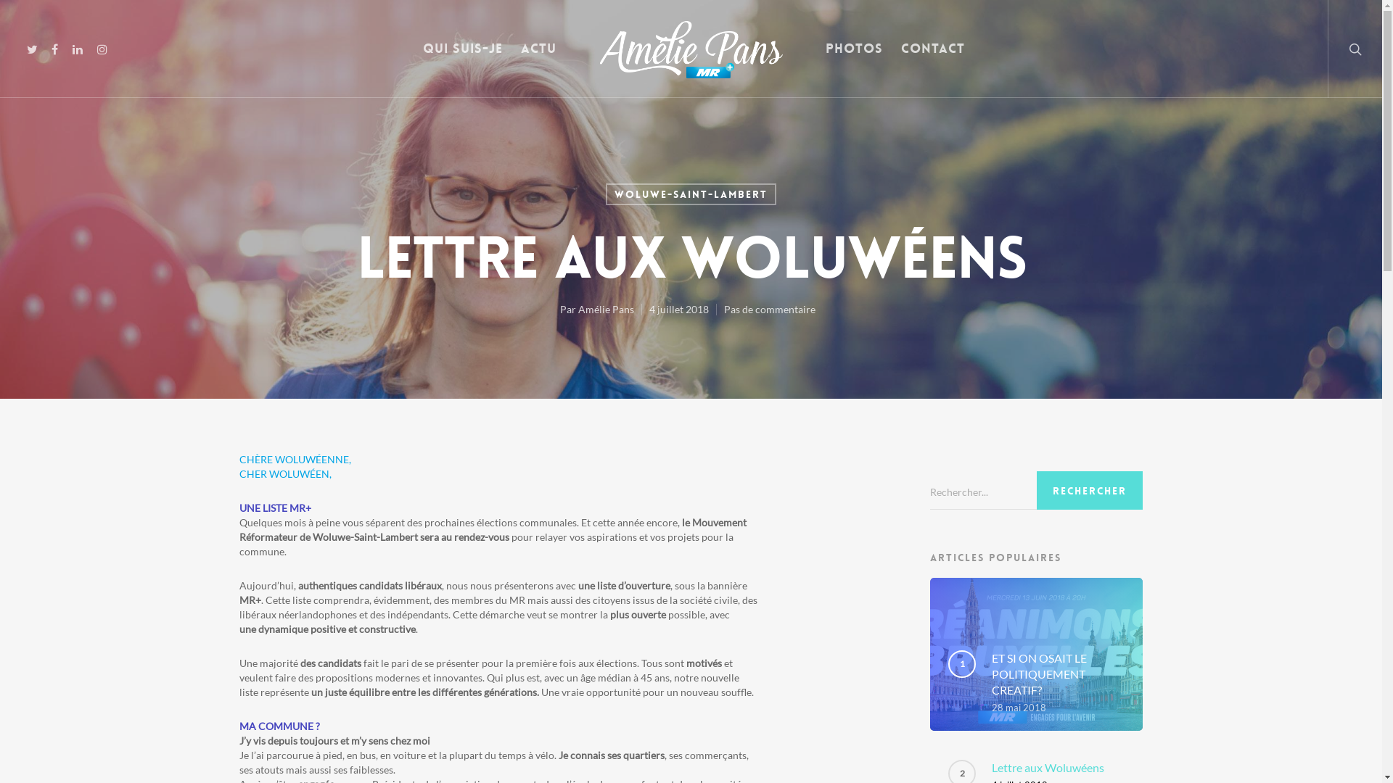  Describe the element at coordinates (538, 58) in the screenshot. I see `'Actu'` at that location.